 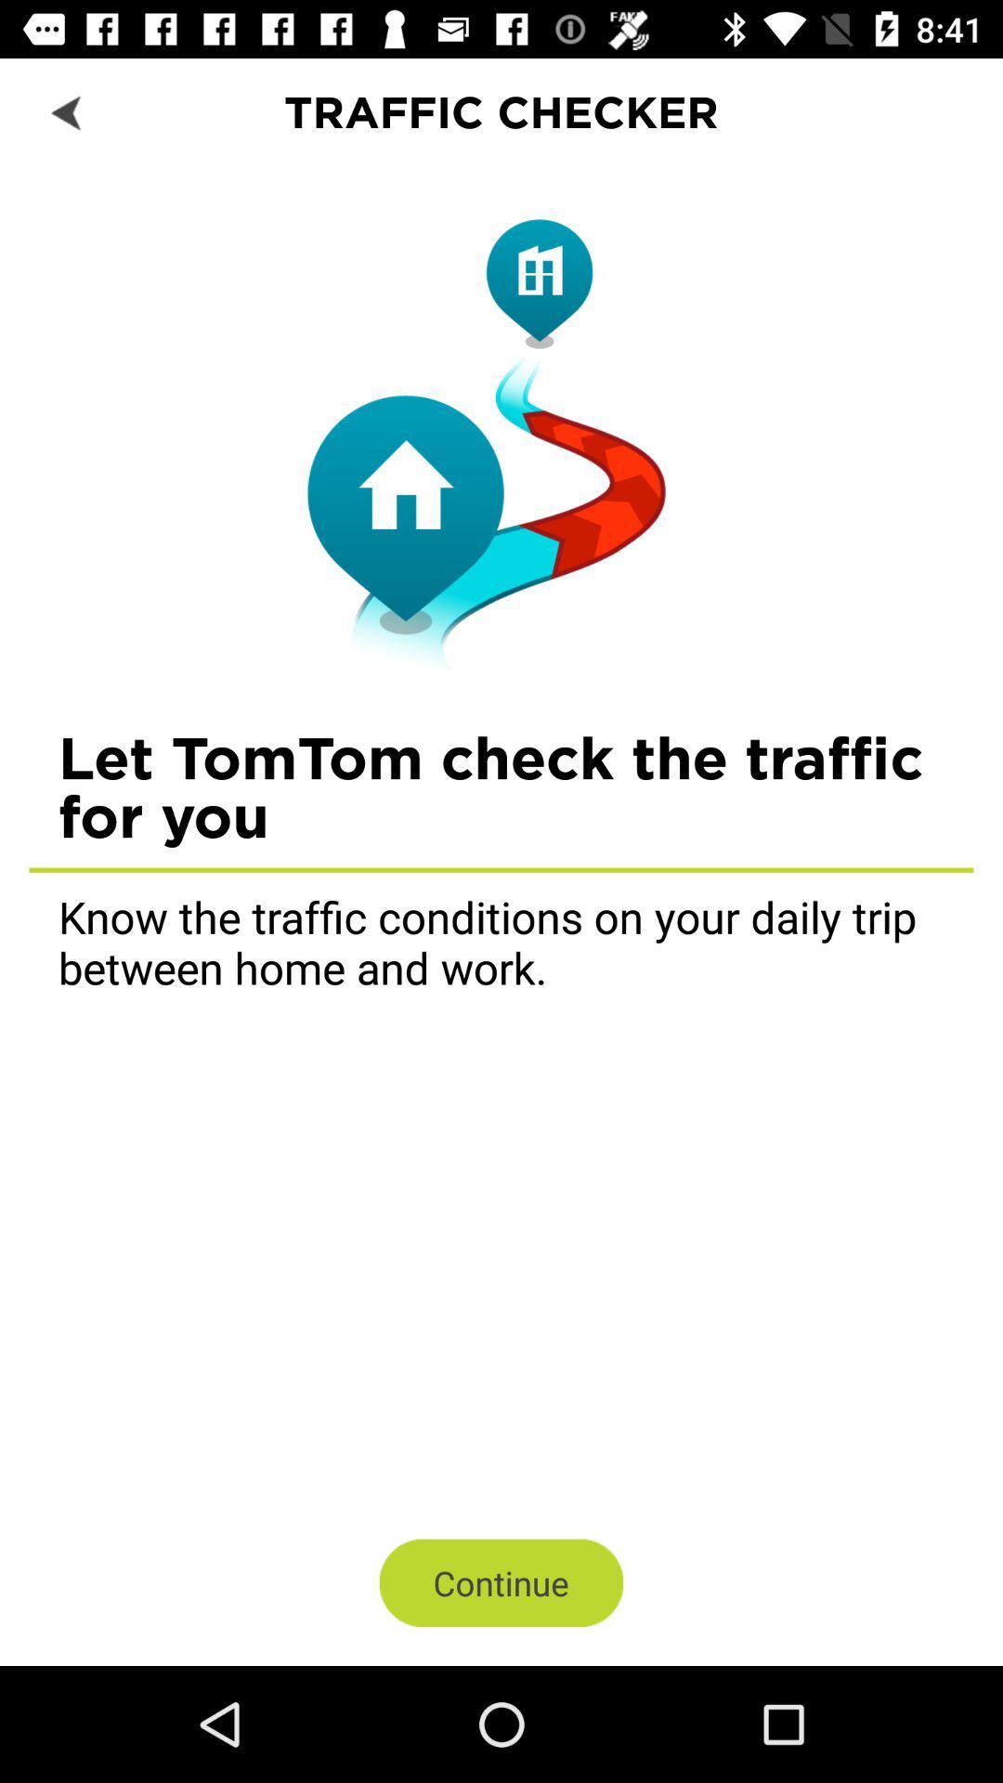 I want to click on the item to the left of the traffic checker icon, so click(x=67, y=111).